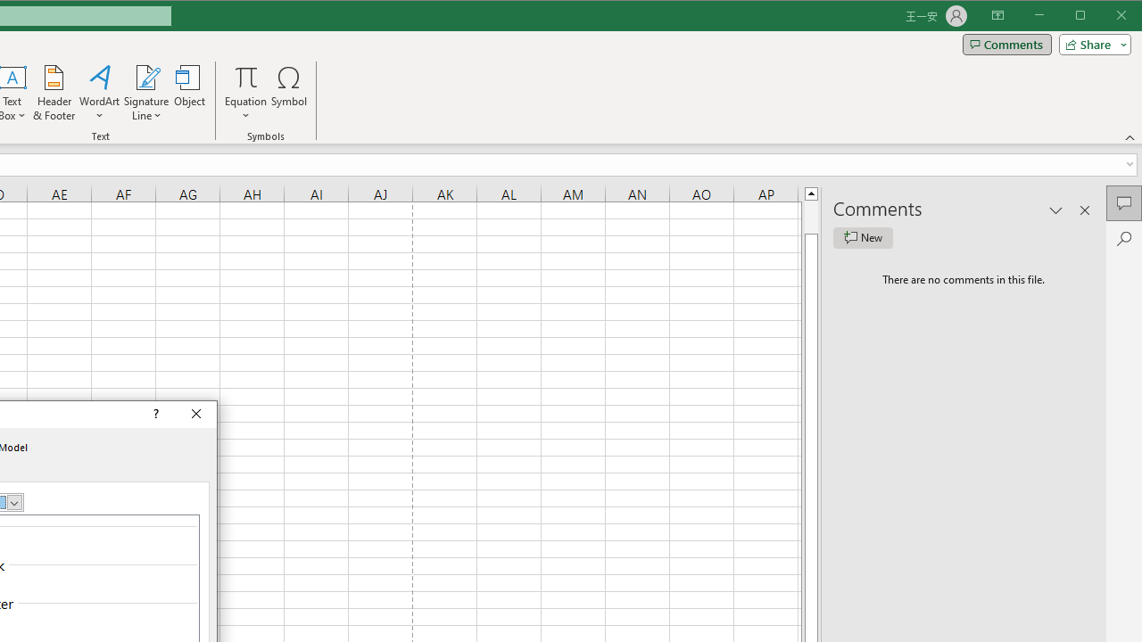 This screenshot has height=642, width=1142. Describe the element at coordinates (14, 502) in the screenshot. I see `'Open'` at that location.